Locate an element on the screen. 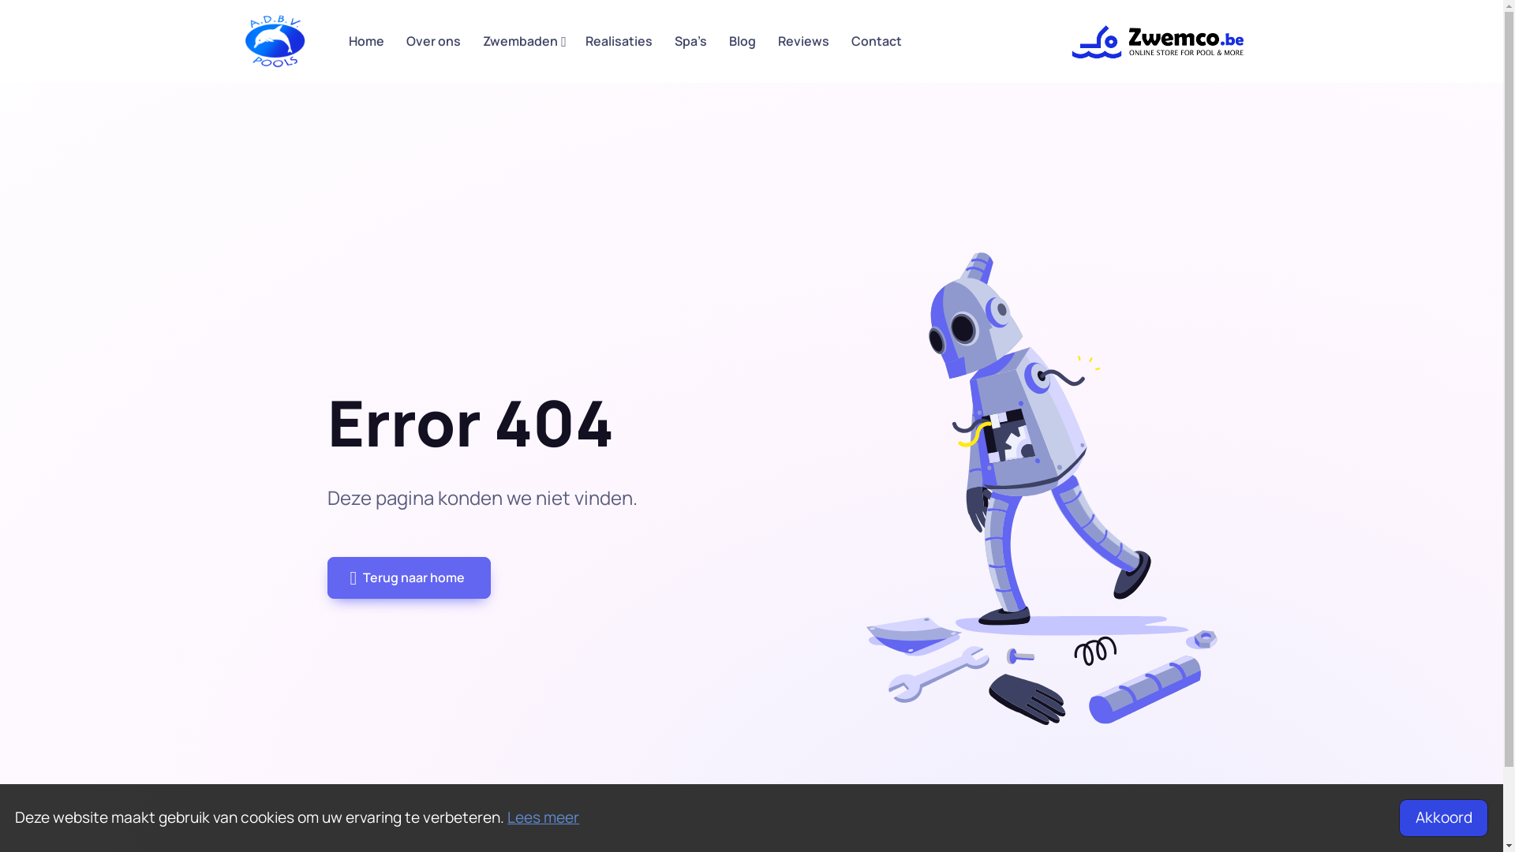  'Terug naar home' is located at coordinates (409, 577).